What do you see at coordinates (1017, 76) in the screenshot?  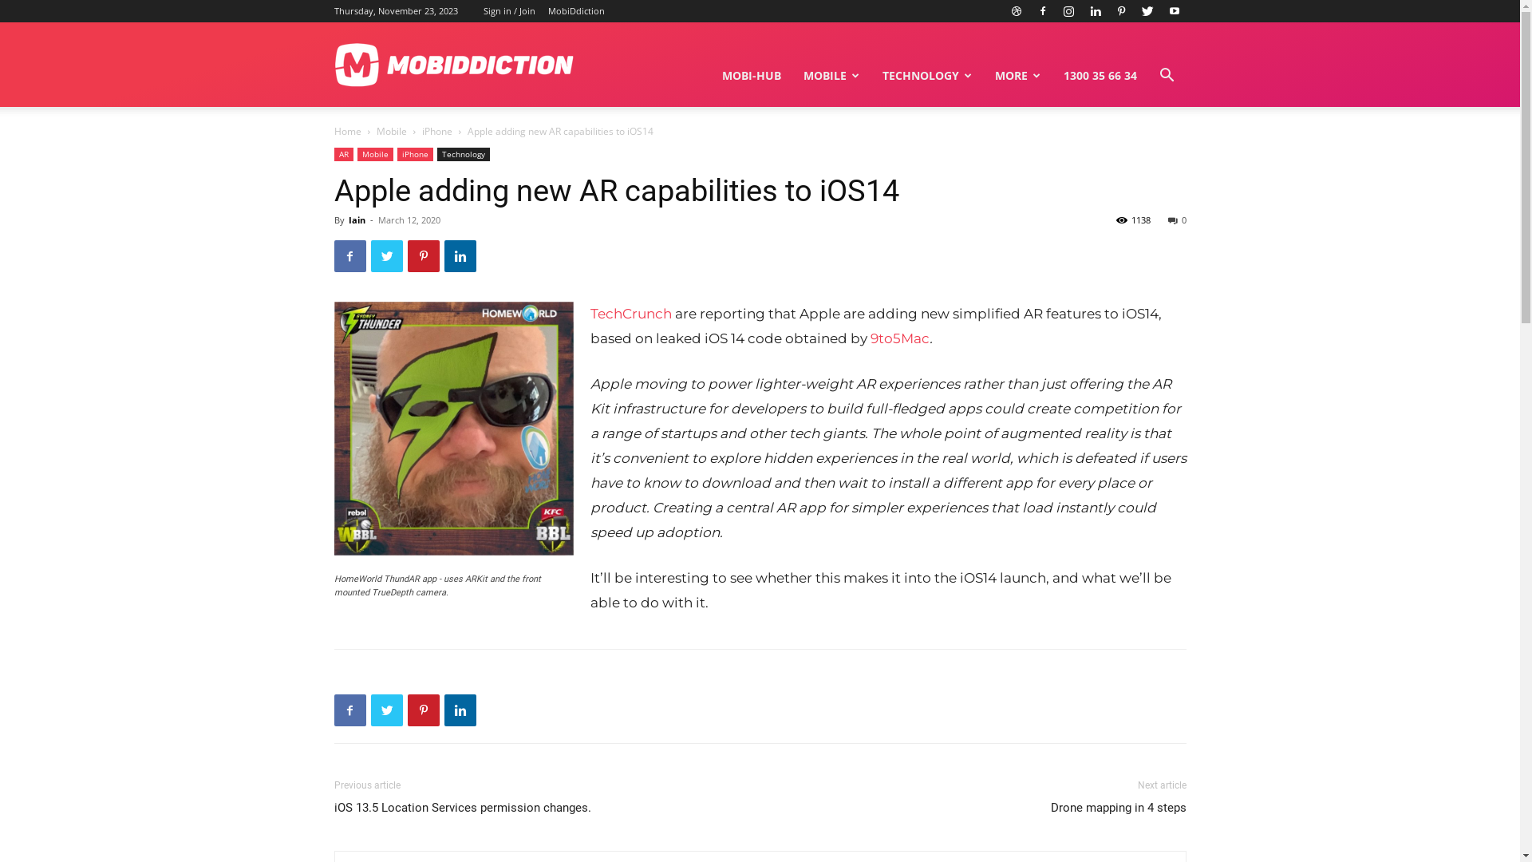 I see `'MORE'` at bounding box center [1017, 76].